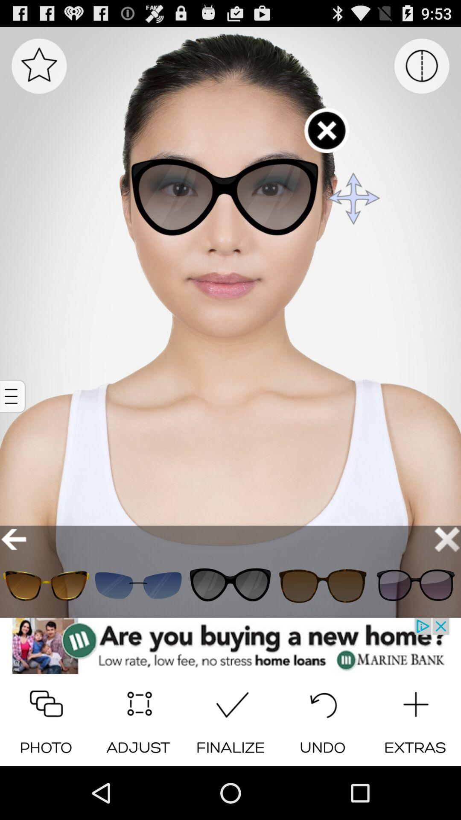  Describe the element at coordinates (323, 585) in the screenshot. I see `the specified glass` at that location.